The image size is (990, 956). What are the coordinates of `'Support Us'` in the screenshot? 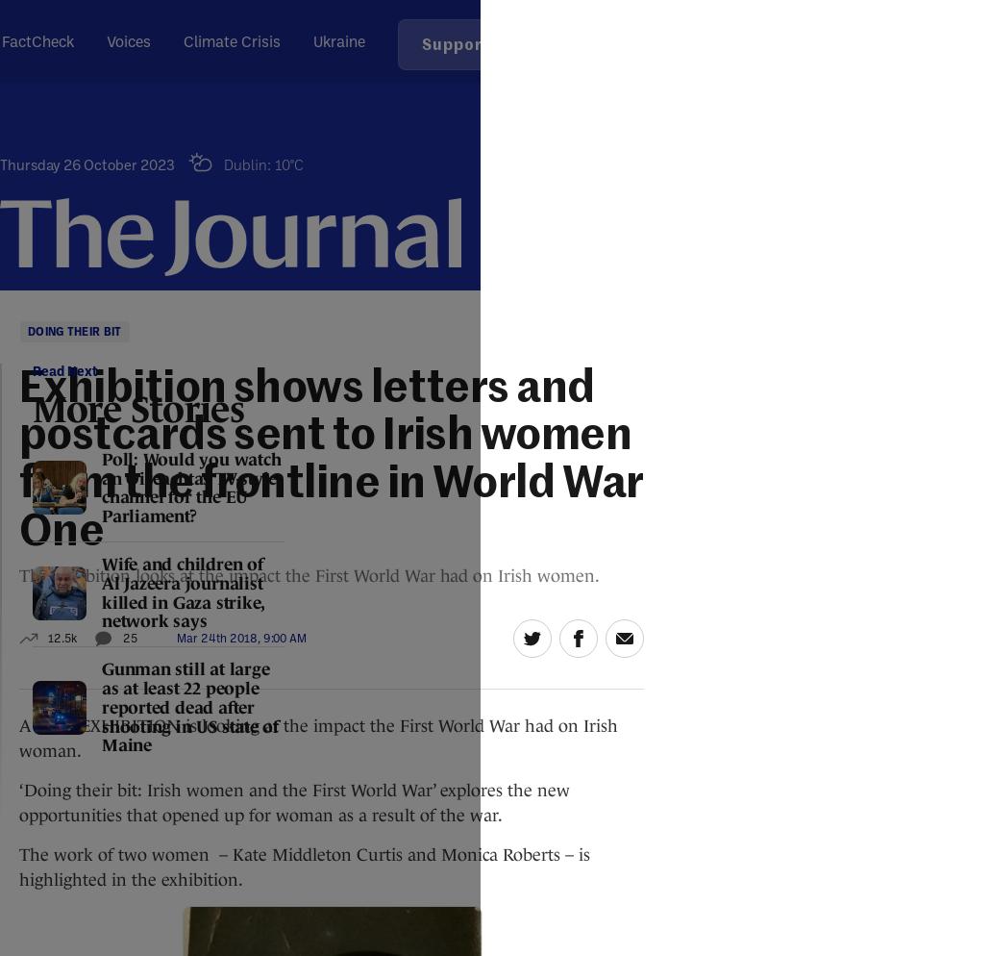 It's located at (466, 44).